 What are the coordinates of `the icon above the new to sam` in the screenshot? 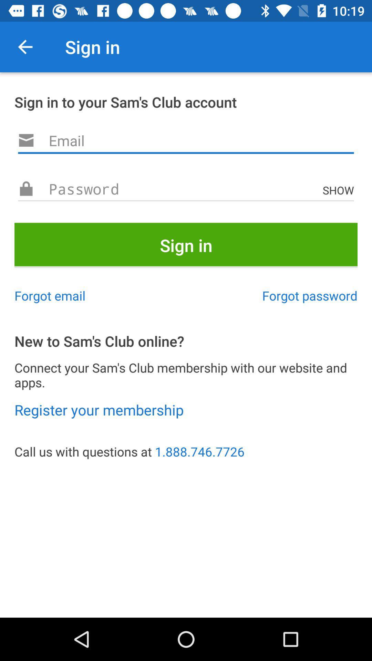 It's located at (309, 295).